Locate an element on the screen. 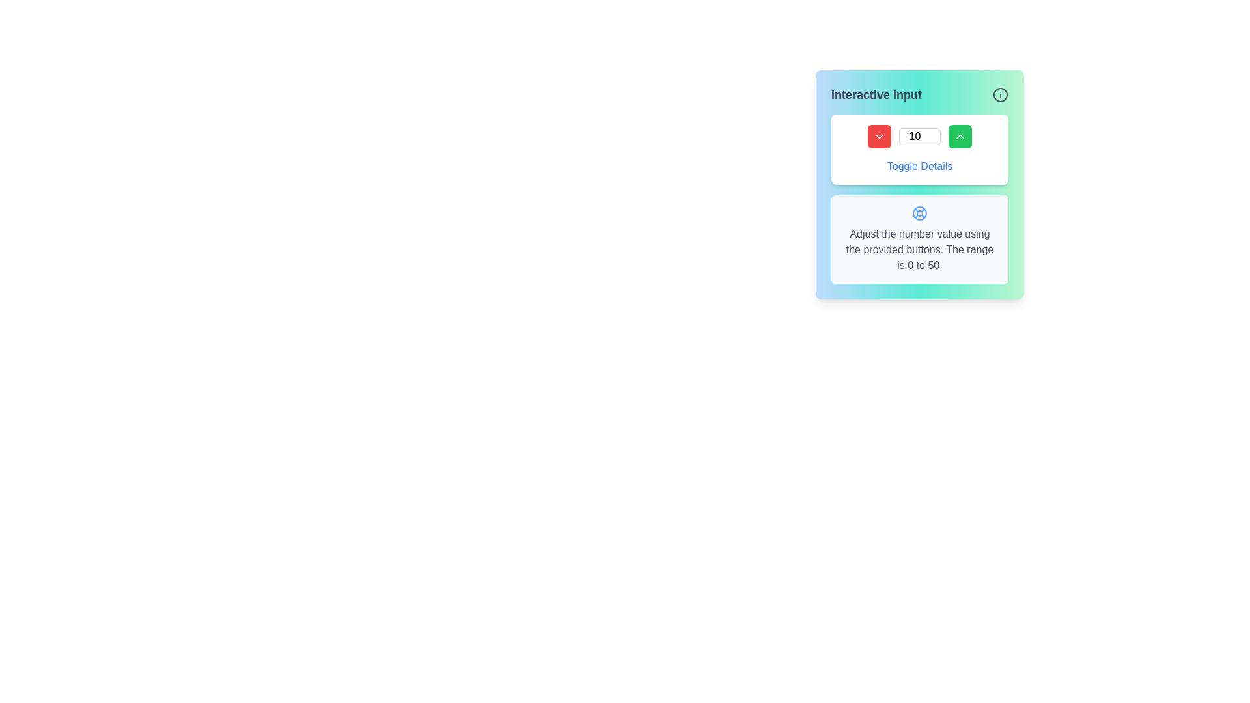 The image size is (1250, 703). the upward arrow icon within the green square button located in the top-right corner of the panel is located at coordinates (960, 136).